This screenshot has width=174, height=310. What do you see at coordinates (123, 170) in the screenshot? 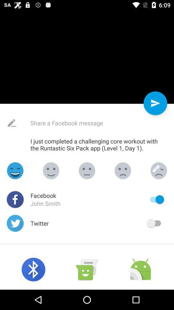
I see `the emoji icon` at bounding box center [123, 170].